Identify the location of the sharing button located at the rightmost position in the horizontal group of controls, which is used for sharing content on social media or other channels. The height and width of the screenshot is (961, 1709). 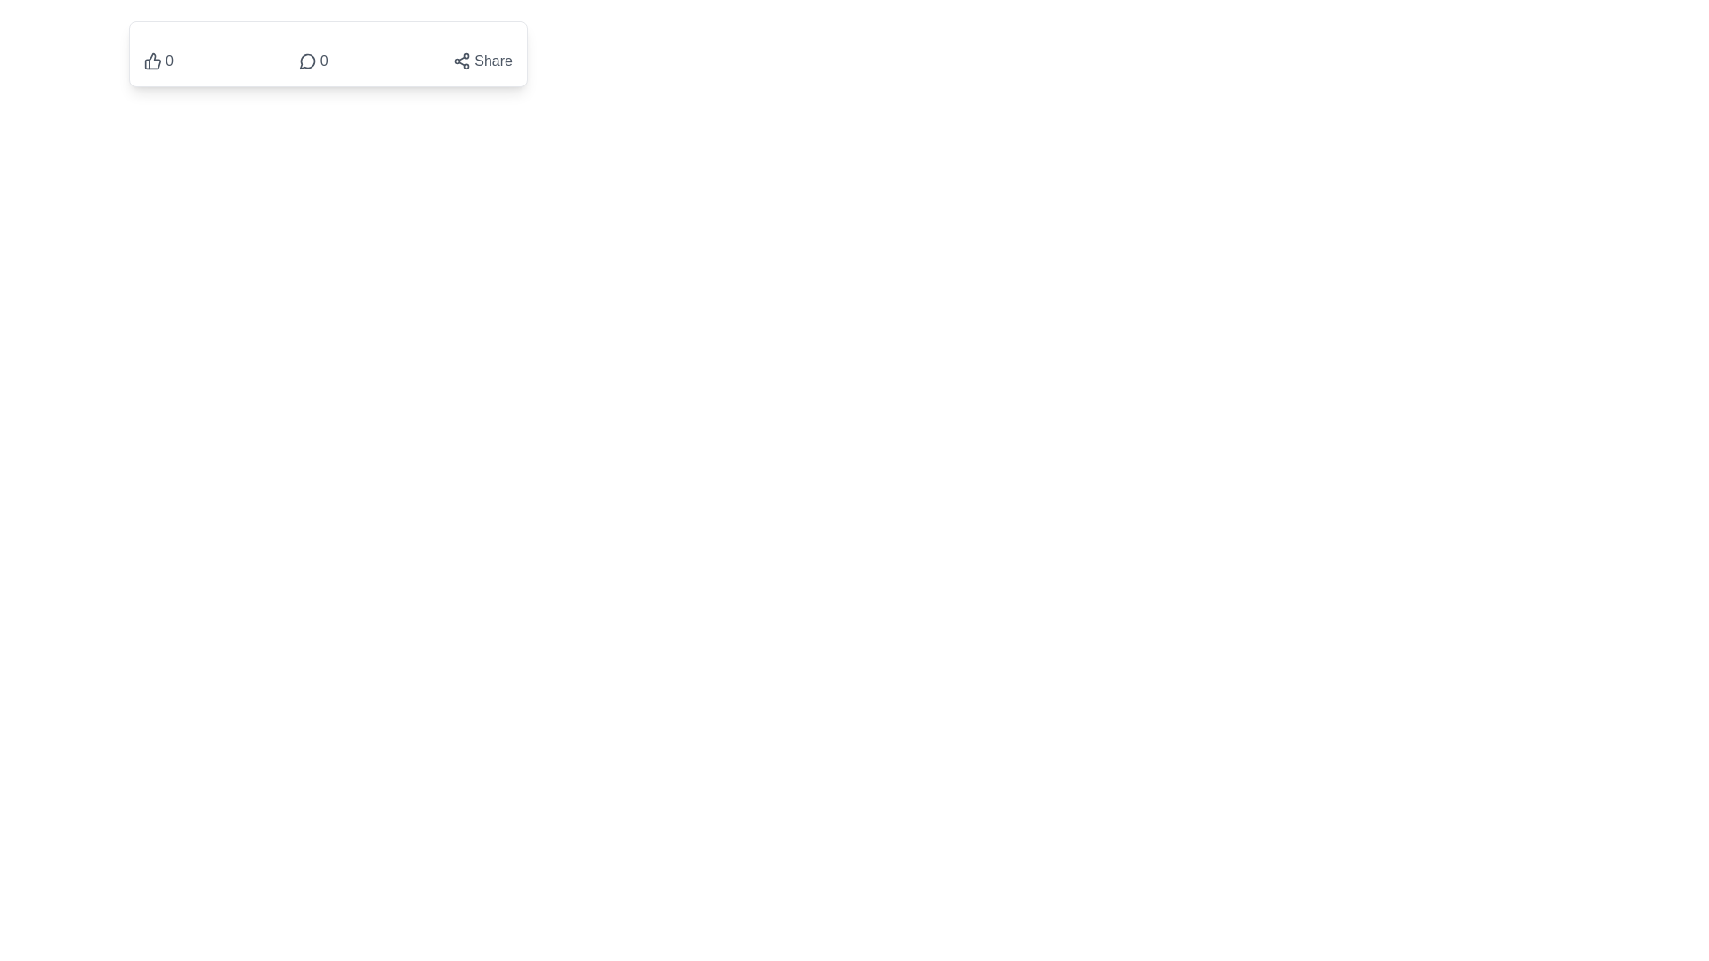
(482, 61).